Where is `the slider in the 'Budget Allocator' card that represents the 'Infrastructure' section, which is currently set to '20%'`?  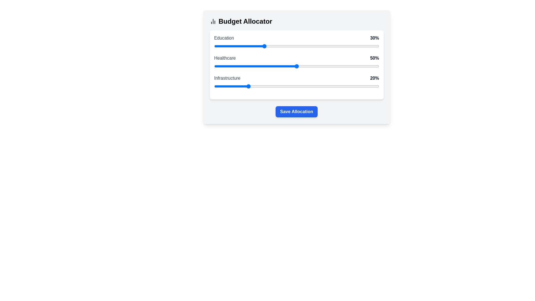 the slider in the 'Budget Allocator' card that represents the 'Infrastructure' section, which is currently set to '20%' is located at coordinates (296, 83).